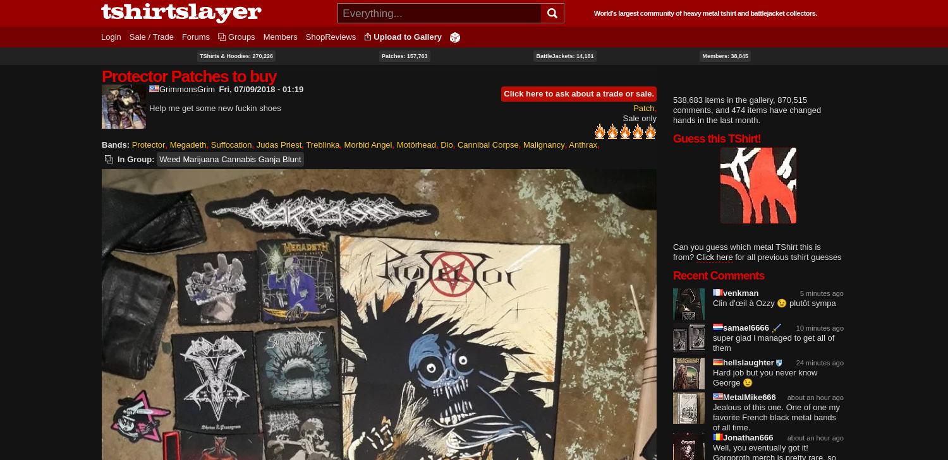  What do you see at coordinates (672, 137) in the screenshot?
I see `'Guess this TShirt!'` at bounding box center [672, 137].